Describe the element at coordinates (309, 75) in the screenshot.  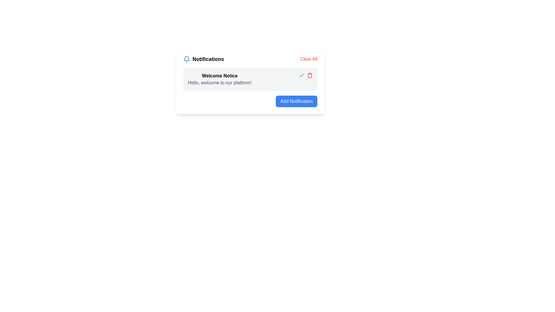
I see `the second icon in the horizontal arrangement of action icons to observe its hover effects, located within the notification card below the 'Notifications' title` at that location.